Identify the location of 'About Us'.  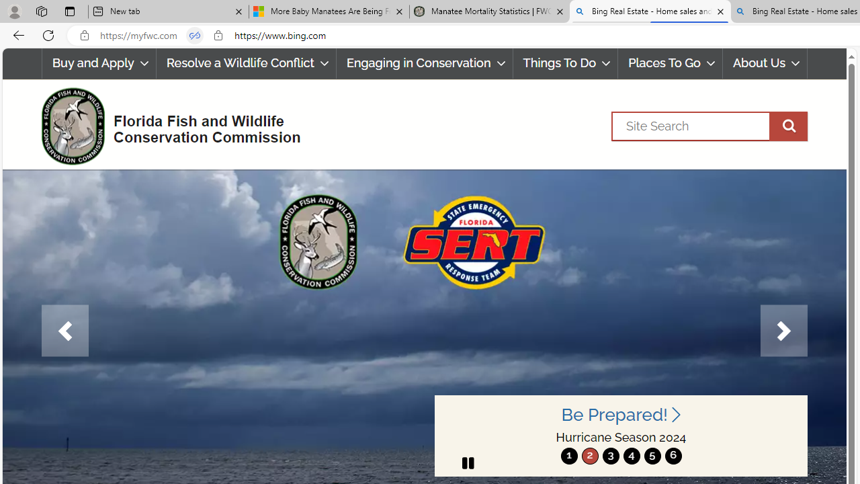
(765, 63).